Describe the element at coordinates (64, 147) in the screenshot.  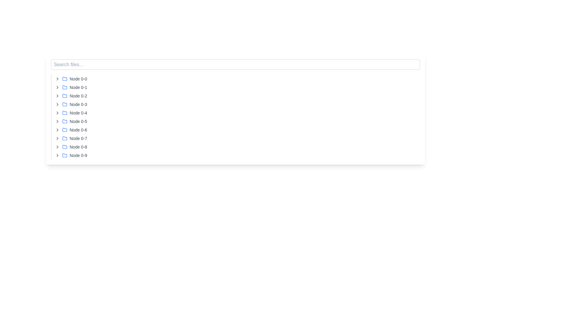
I see `the blue folder icon, which is the 9th in a vertical list of folder icons` at that location.